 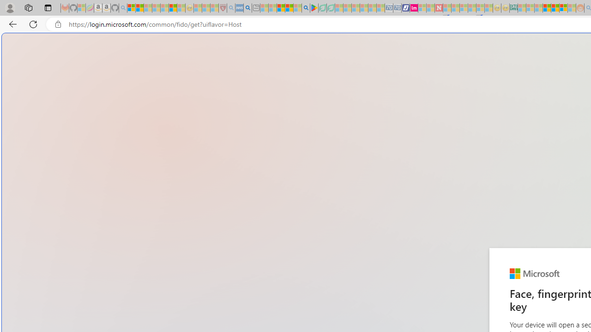 What do you see at coordinates (314, 8) in the screenshot?
I see `'Bluey: Let'` at bounding box center [314, 8].